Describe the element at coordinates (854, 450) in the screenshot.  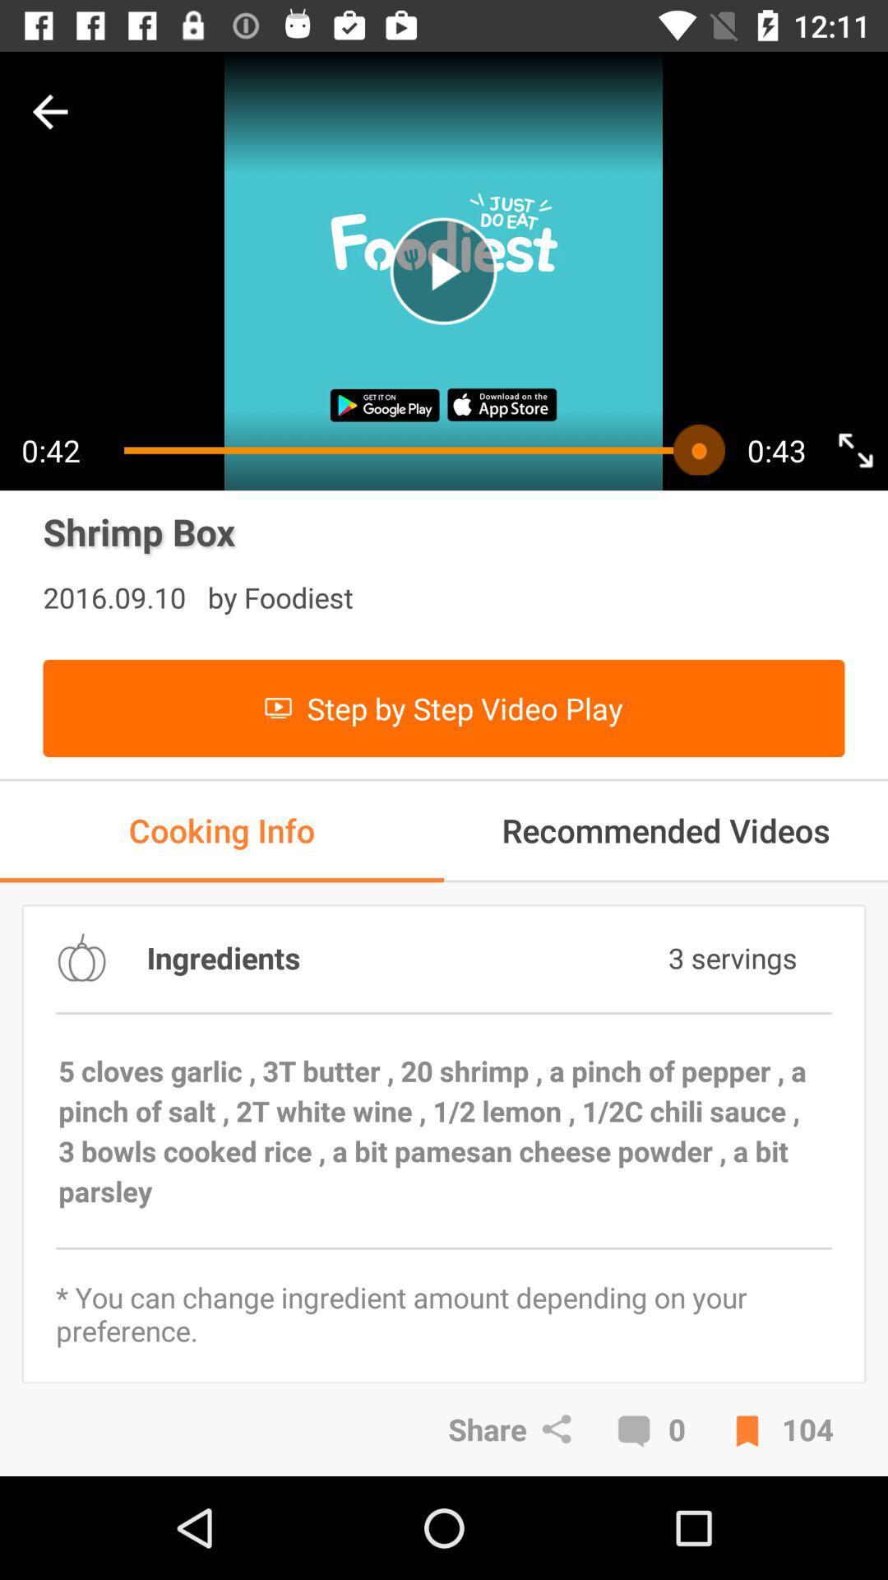
I see `zoom button` at that location.